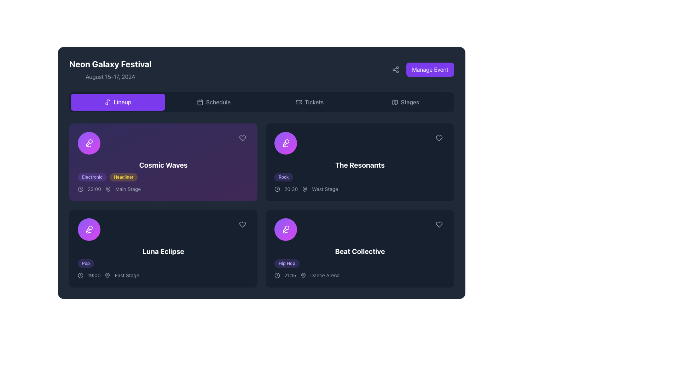 The height and width of the screenshot is (382, 679). What do you see at coordinates (107, 102) in the screenshot?
I see `the small musical note icon located in the upper navigation bar, positioned to the left of the 'Lineup' button` at bounding box center [107, 102].